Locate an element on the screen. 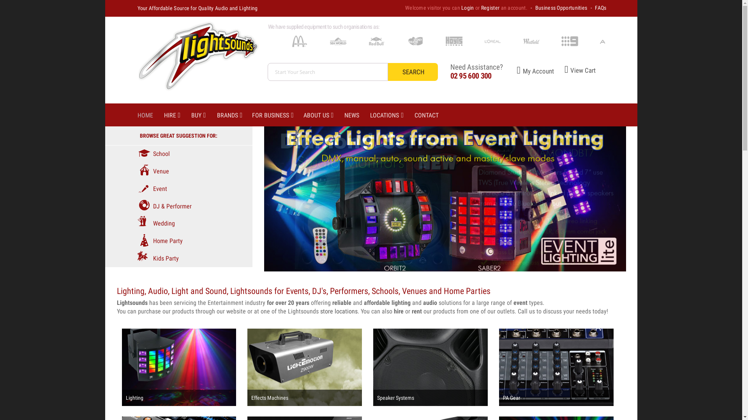 The width and height of the screenshot is (748, 420). 'ABOUT US' is located at coordinates (324, 115).